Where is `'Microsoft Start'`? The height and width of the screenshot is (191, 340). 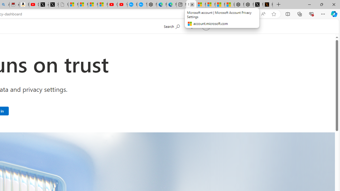 'Microsoft Start' is located at coordinates (220, 5).